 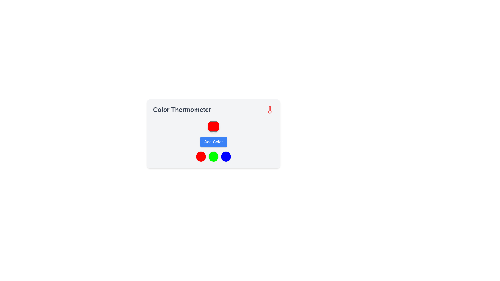 I want to click on the button located inside the 'Color Thermometer' panel, which is positioned centrally below a red octagonal icon, so click(x=221, y=139).